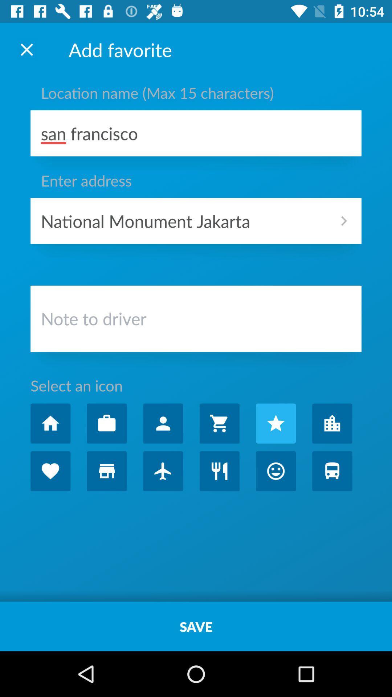 Image resolution: width=392 pixels, height=697 pixels. Describe the element at coordinates (219, 423) in the screenshot. I see `shopping cart` at that location.